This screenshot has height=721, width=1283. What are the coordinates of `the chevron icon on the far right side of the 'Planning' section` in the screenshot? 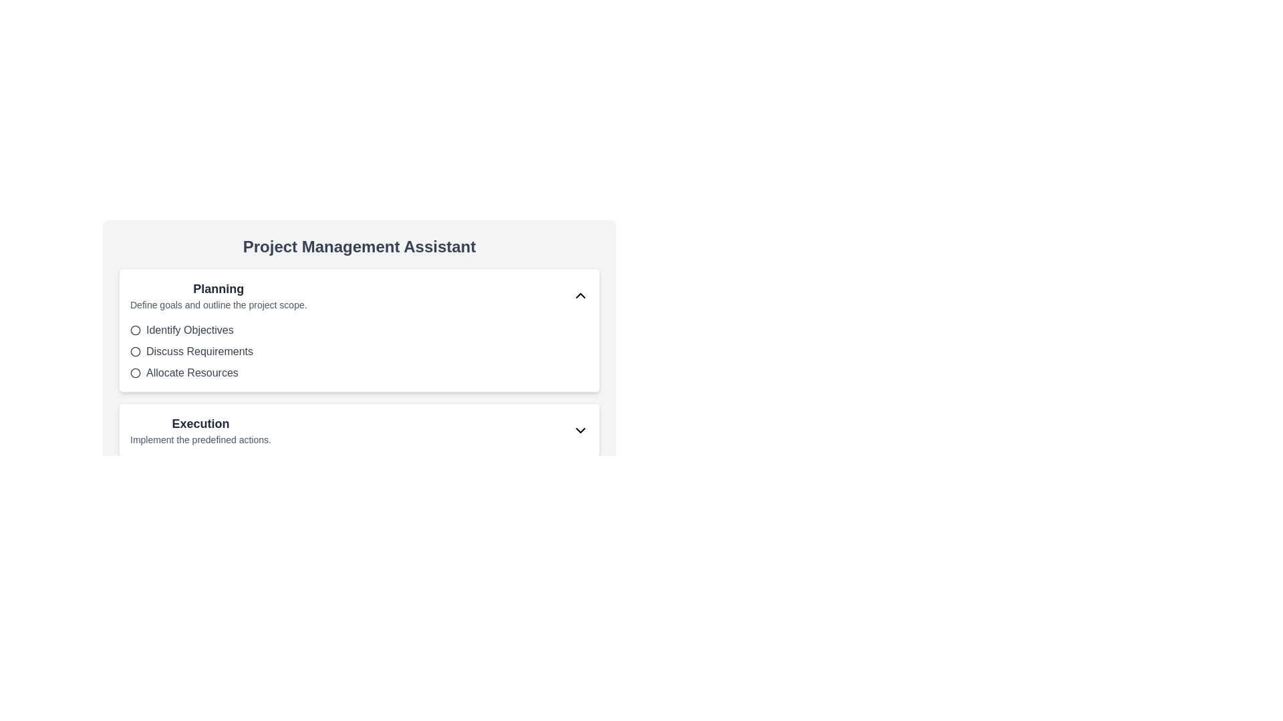 It's located at (580, 295).